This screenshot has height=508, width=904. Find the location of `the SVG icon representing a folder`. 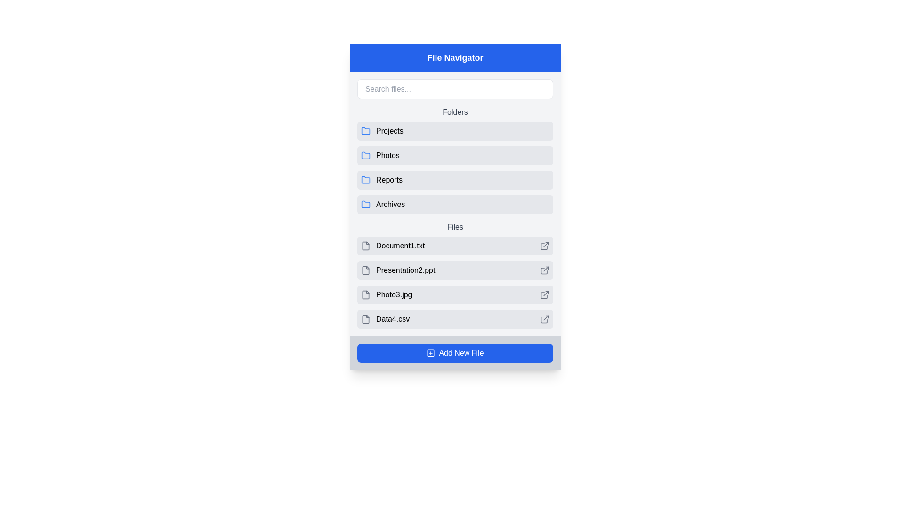

the SVG icon representing a folder is located at coordinates (365, 155).